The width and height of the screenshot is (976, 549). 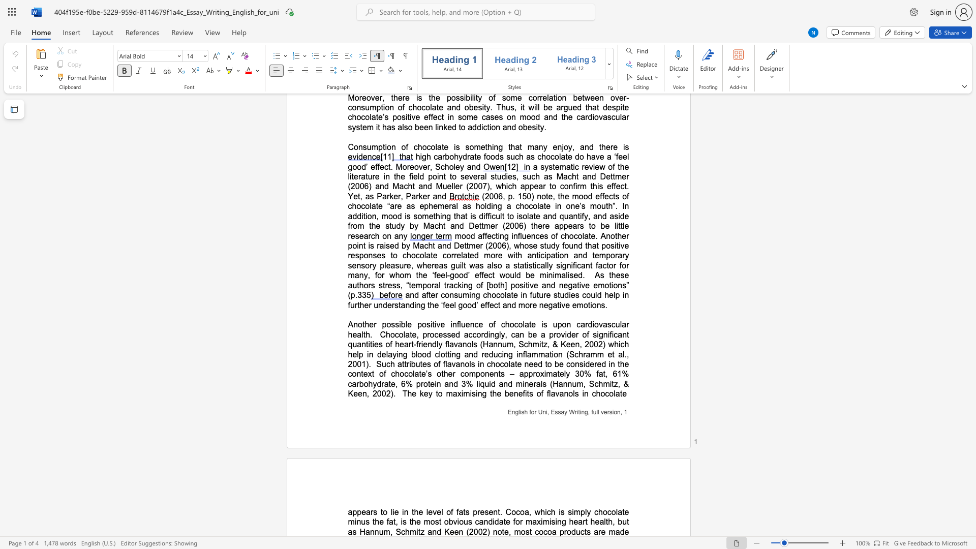 I want to click on the subset text "g blood clotting and red" within the text "Chocolate, processed accordingly, can be a provider of significant quantities of heart-friendly flavanols (Hannum, Schmitz, & Keen, 2002) which help in delaying blood clotting and reducing inflammation (Schramm et al., 2001)", so click(x=402, y=354).